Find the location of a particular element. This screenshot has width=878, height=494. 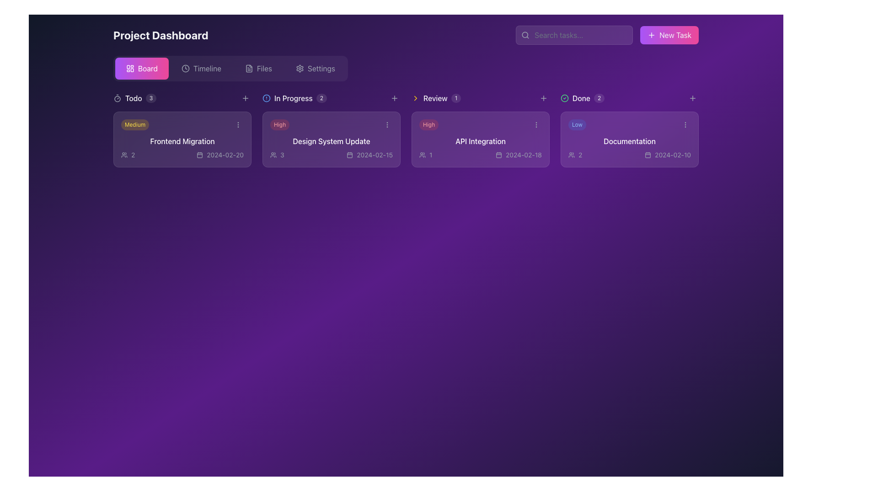

the small rectangular badge with rounded corners, filled with a light red background and the text 'High' in red, located inside the 'Design System Update' card in the 'In Progress' column is located at coordinates (279, 125).